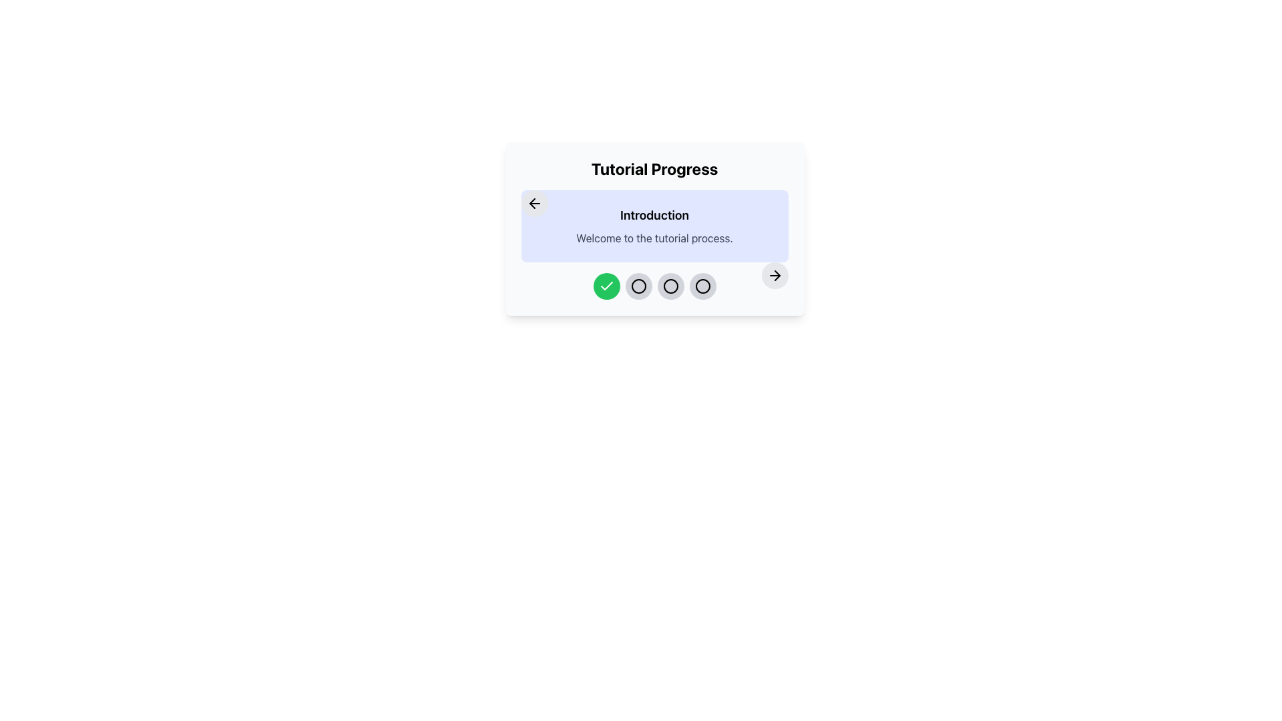 Image resolution: width=1282 pixels, height=721 pixels. Describe the element at coordinates (670, 285) in the screenshot. I see `the third icon from the left in the horizontal row of circular interactive elements, which serves as a navigation point in the tutorial progress section` at that location.